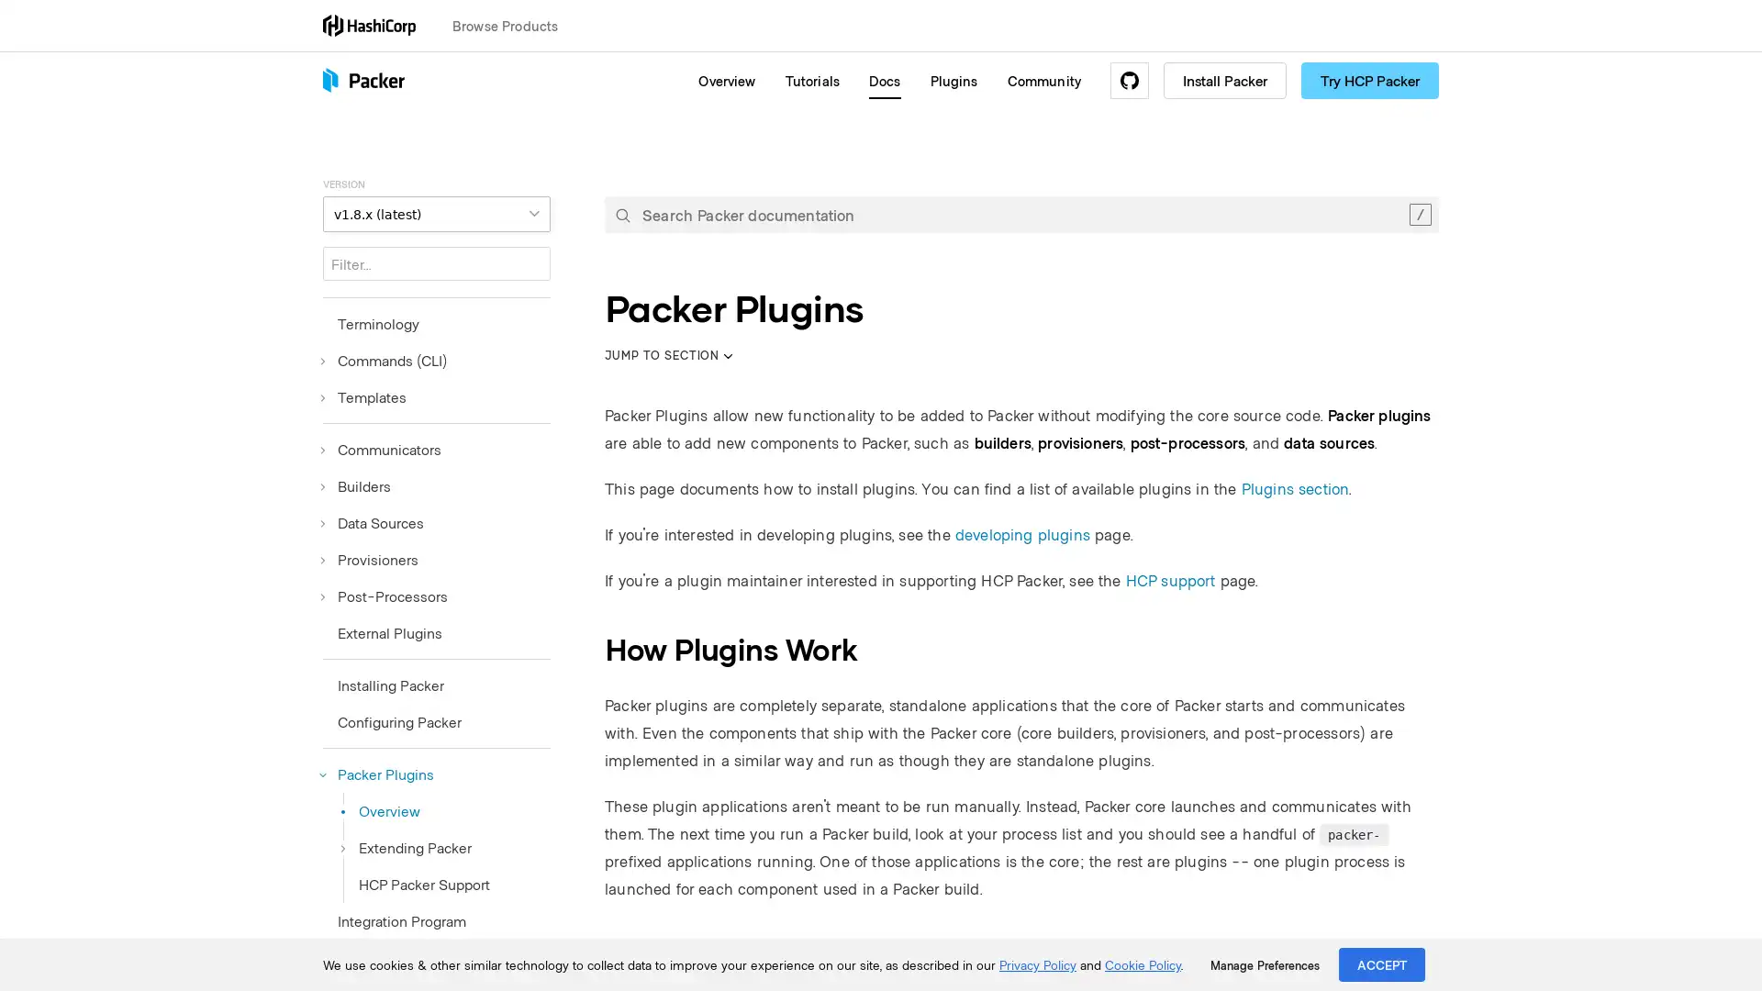 Image resolution: width=1762 pixels, height=991 pixels. What do you see at coordinates (435, 213) in the screenshot?
I see `VERSION` at bounding box center [435, 213].